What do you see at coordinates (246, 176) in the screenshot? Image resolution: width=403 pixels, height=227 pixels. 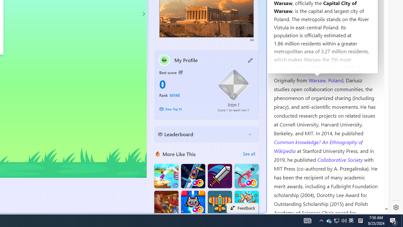 I see `'Balloon FRVR'` at bounding box center [246, 176].